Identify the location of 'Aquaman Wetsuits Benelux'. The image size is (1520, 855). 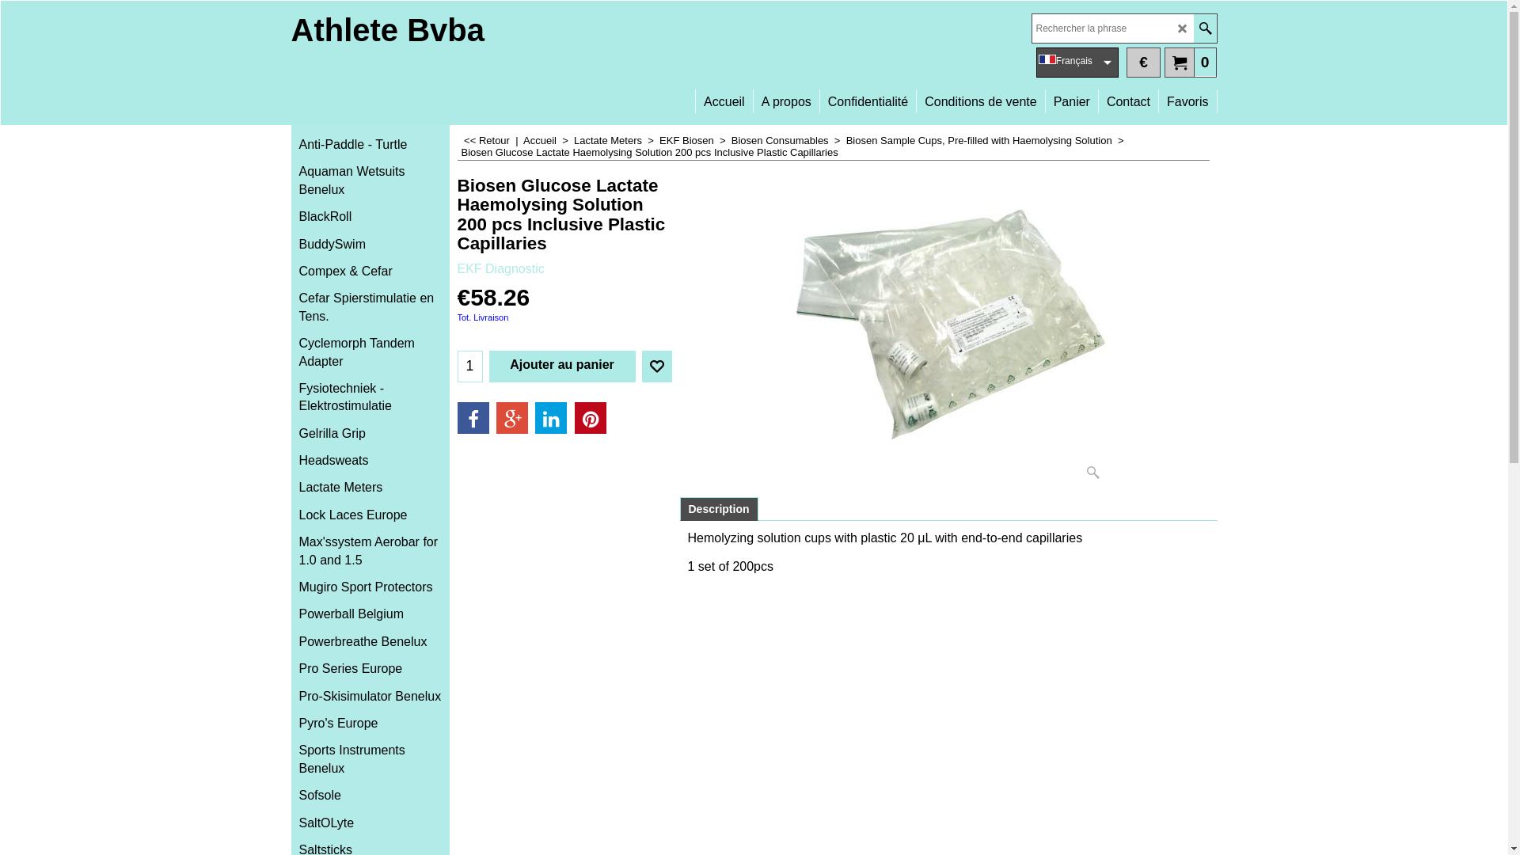
(370, 180).